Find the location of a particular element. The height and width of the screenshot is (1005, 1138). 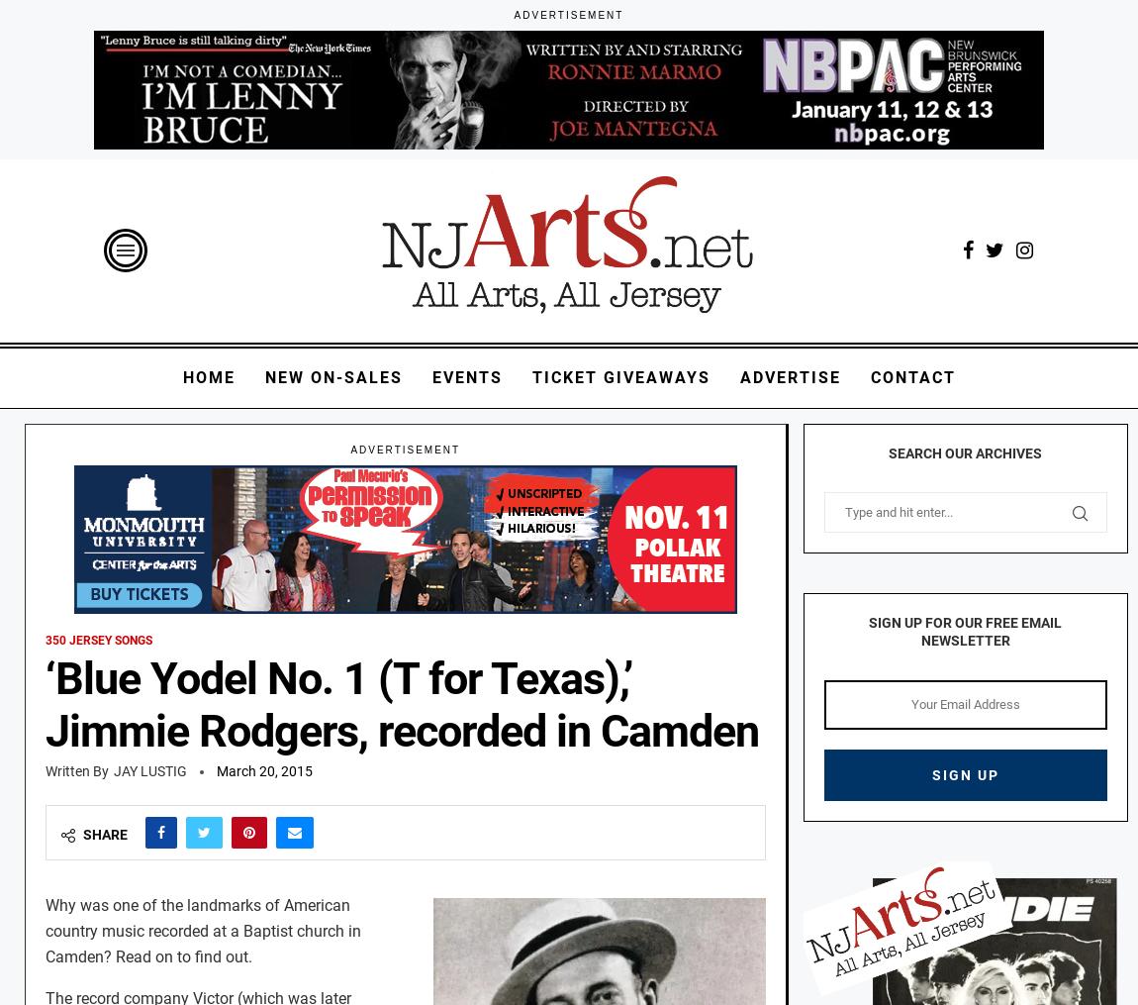

'‘Blue Yodel No. 1 (T for Texas),’ Jimmie Rodgers, recorded in Camden' is located at coordinates (402, 705).